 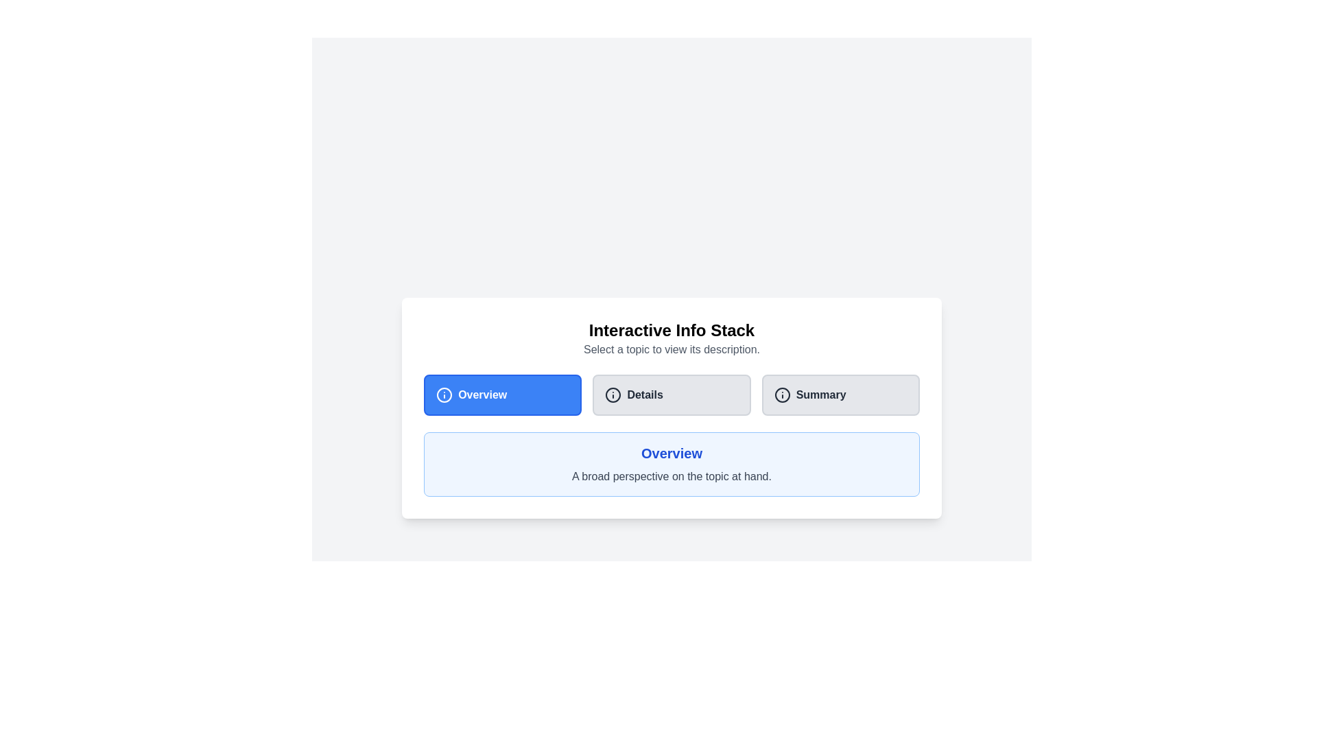 What do you see at coordinates (840, 395) in the screenshot?
I see `the 'Summary' option, which is a clickable UI element with an info icon on the left and bold text next to it, located in the interactive section as the third option in a horizontal row of buttons` at bounding box center [840, 395].